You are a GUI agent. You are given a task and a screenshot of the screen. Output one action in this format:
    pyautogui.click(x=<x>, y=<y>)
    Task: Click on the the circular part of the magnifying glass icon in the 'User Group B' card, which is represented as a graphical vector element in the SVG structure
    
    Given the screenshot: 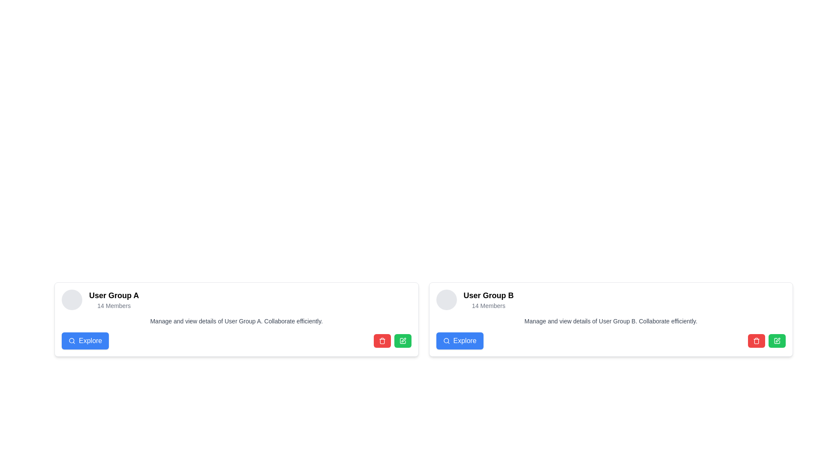 What is the action you would take?
    pyautogui.click(x=446, y=340)
    